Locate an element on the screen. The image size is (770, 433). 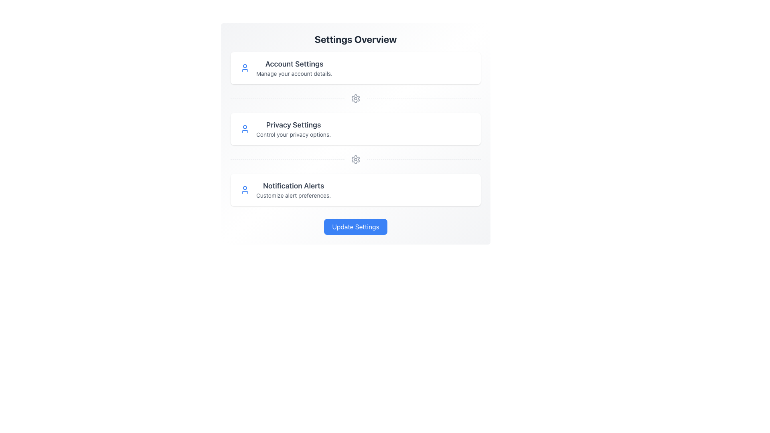
the confirm button located at the bottom of the 'Settings Overview' section to observe potential styling changes is located at coordinates (355, 227).